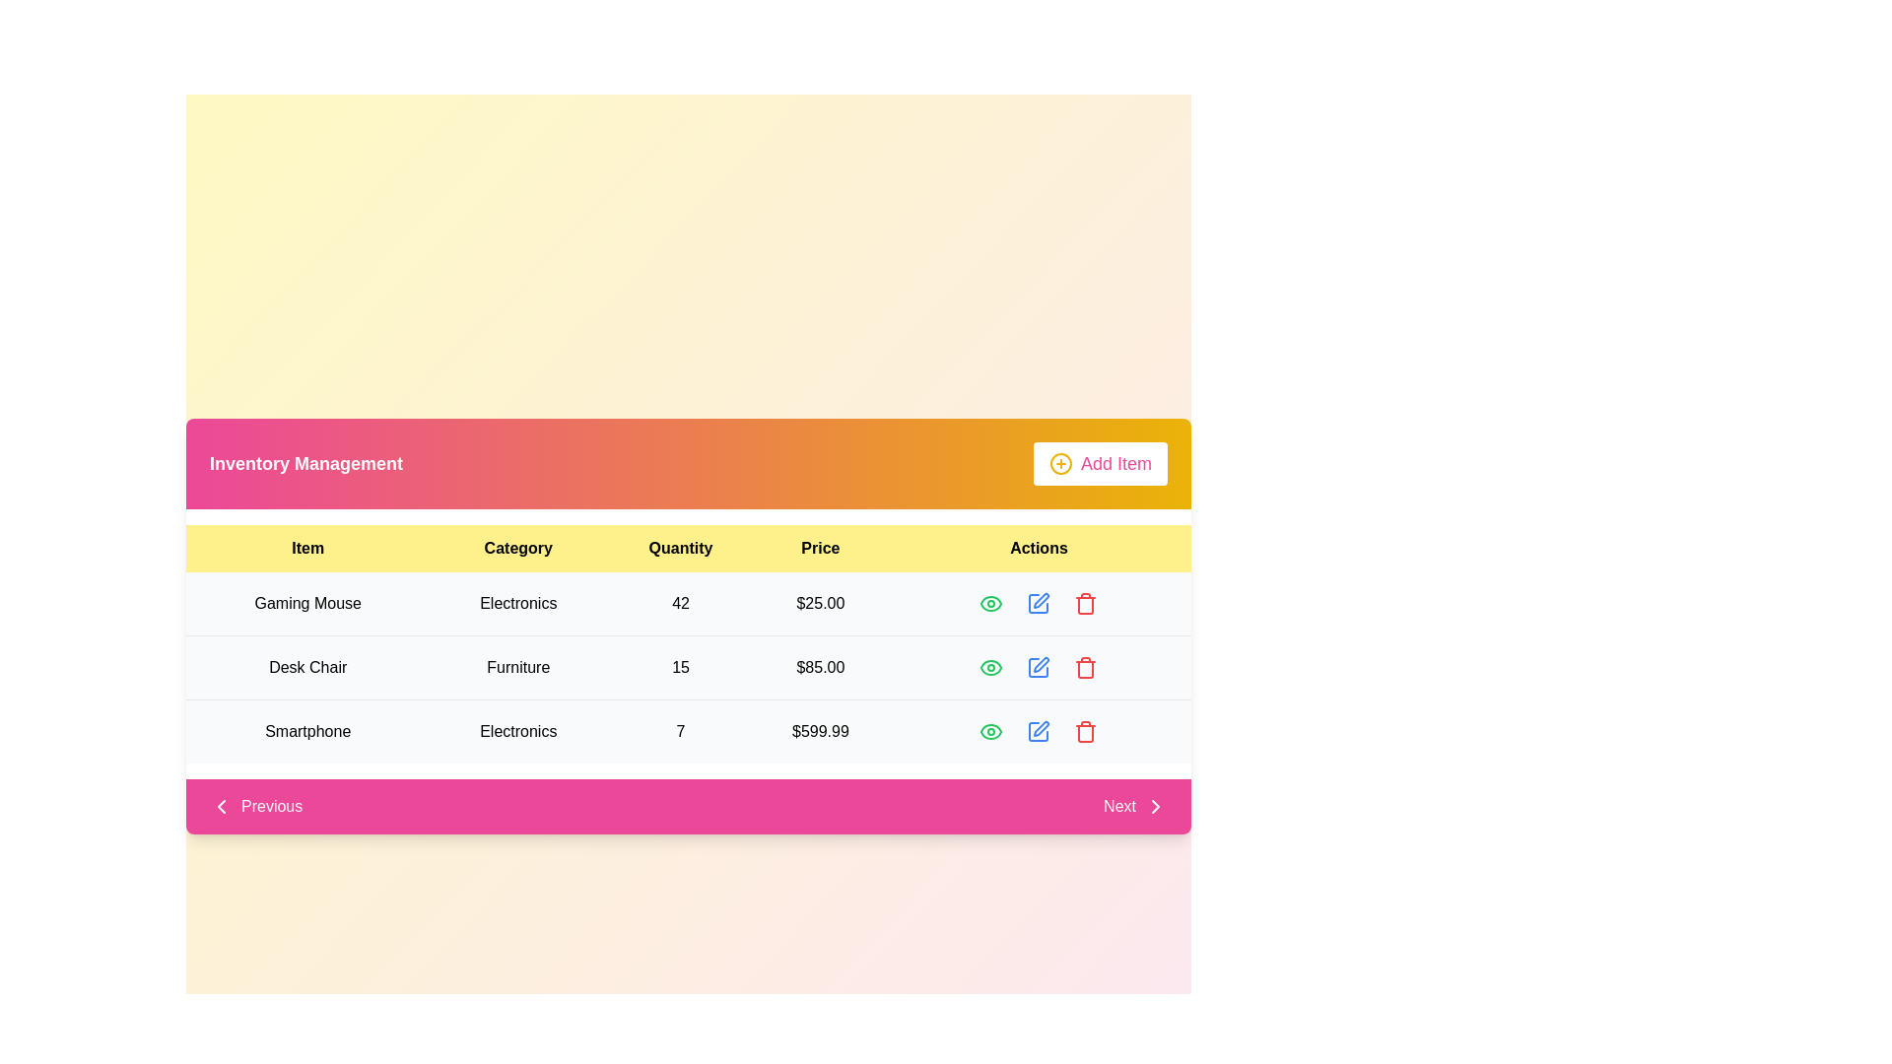  I want to click on the eye-shaped icon button for viewing details located in the 'Actions' column of the 'Smartphone' item row, so click(991, 732).